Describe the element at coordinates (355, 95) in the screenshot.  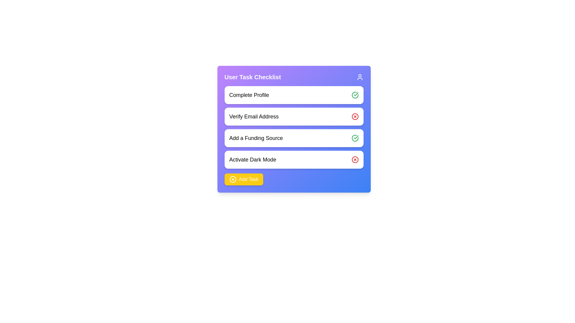
I see `the 'completed' icon indicating that the task 'Complete Profile' is marked as completed, located to the right of the 'Complete Profile' text in the task list` at that location.